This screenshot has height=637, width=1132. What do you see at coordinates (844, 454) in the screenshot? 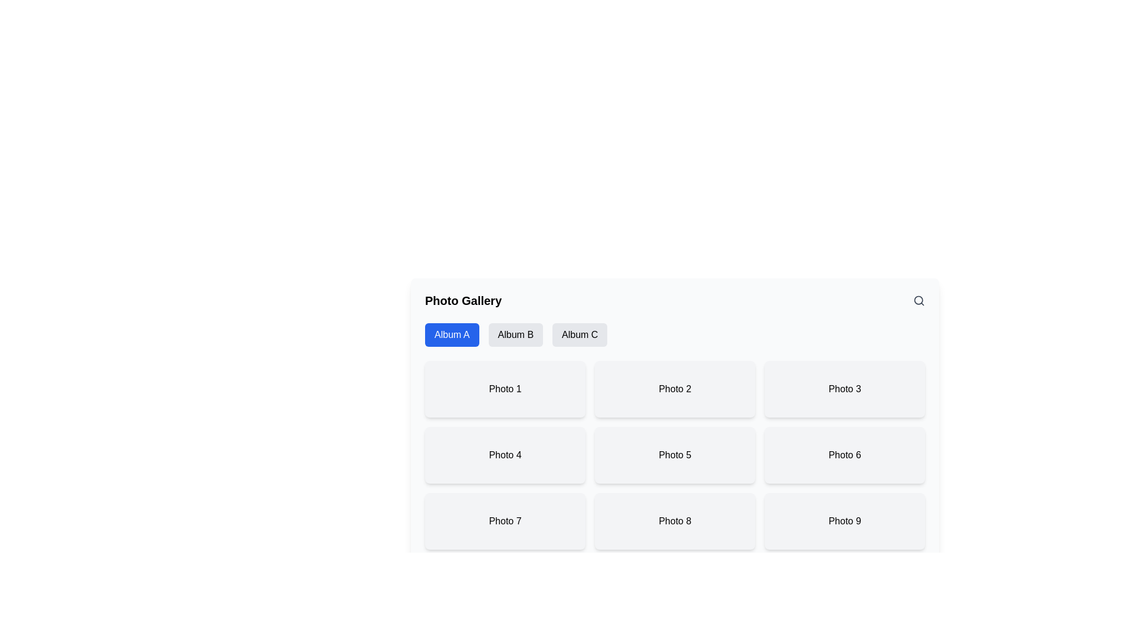
I see `the static label or item placeholder titled 'Photo 6' located in the second row and third column of the grid layout` at bounding box center [844, 454].